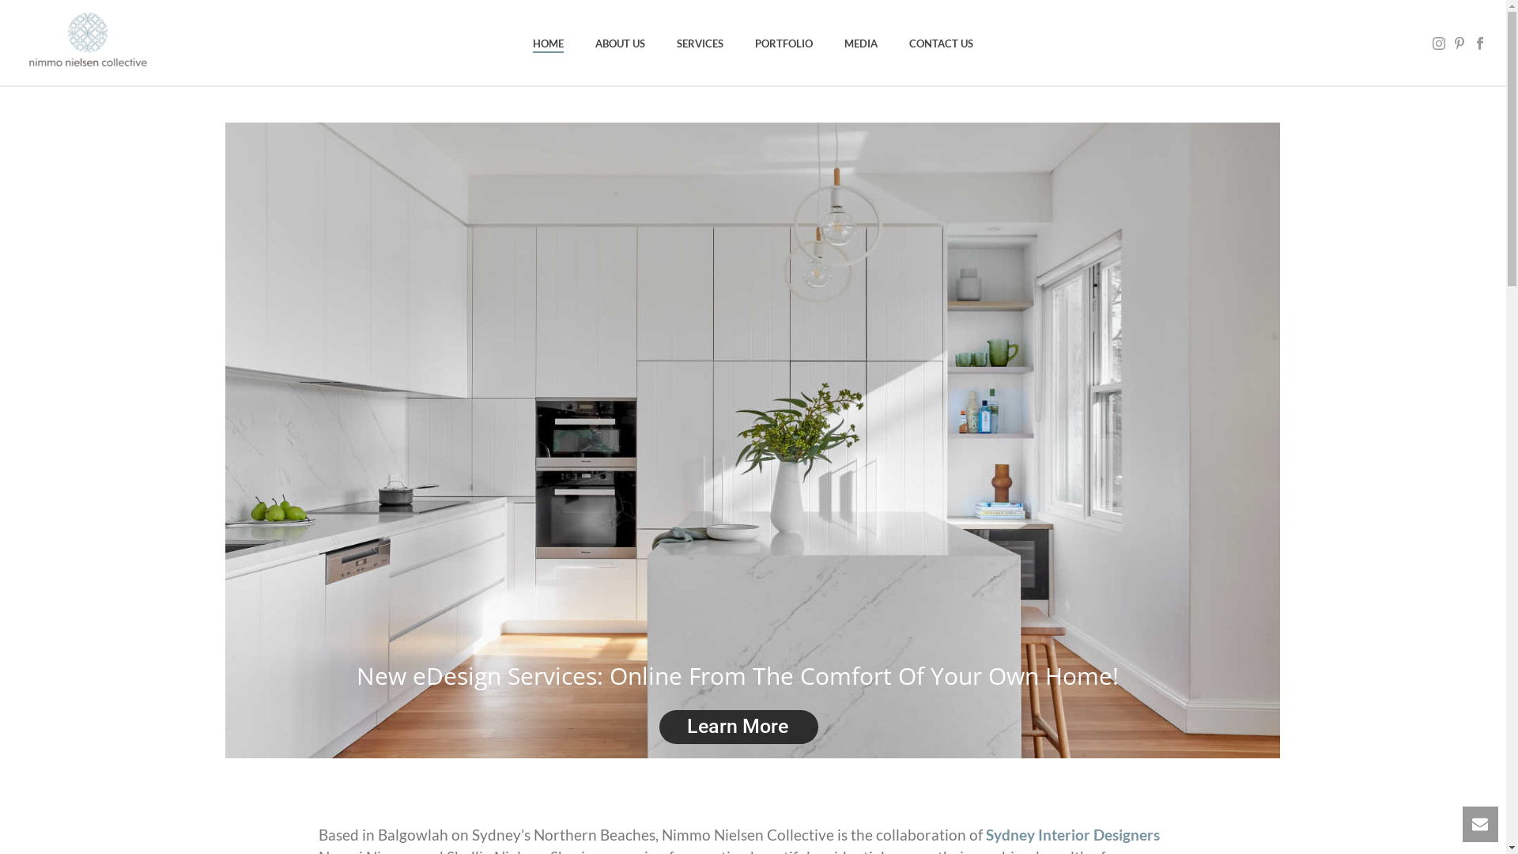  What do you see at coordinates (619, 42) in the screenshot?
I see `'ABOUT US'` at bounding box center [619, 42].